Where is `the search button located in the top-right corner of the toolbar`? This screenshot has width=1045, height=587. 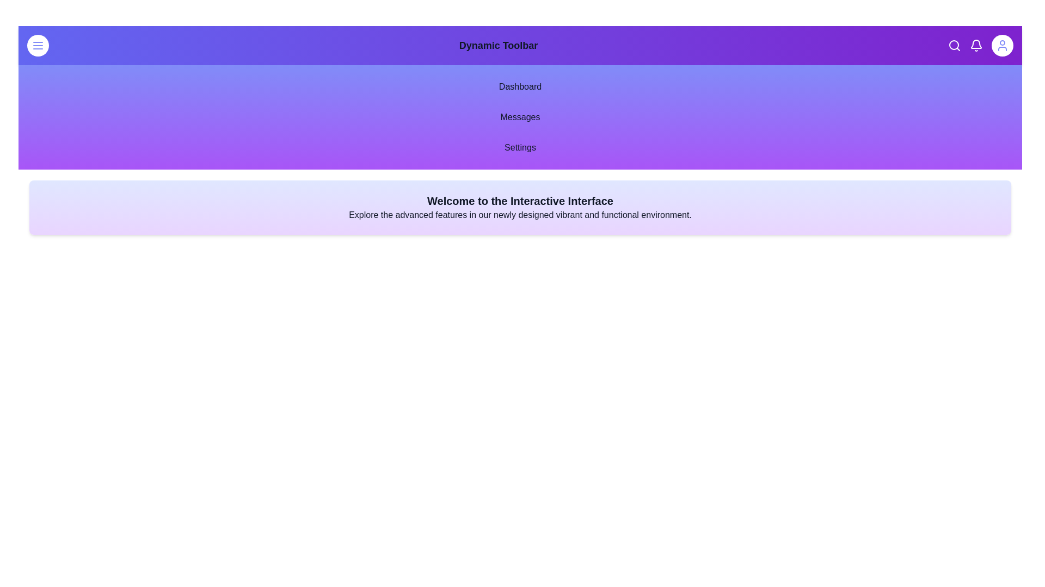
the search button located in the top-right corner of the toolbar is located at coordinates (954, 45).